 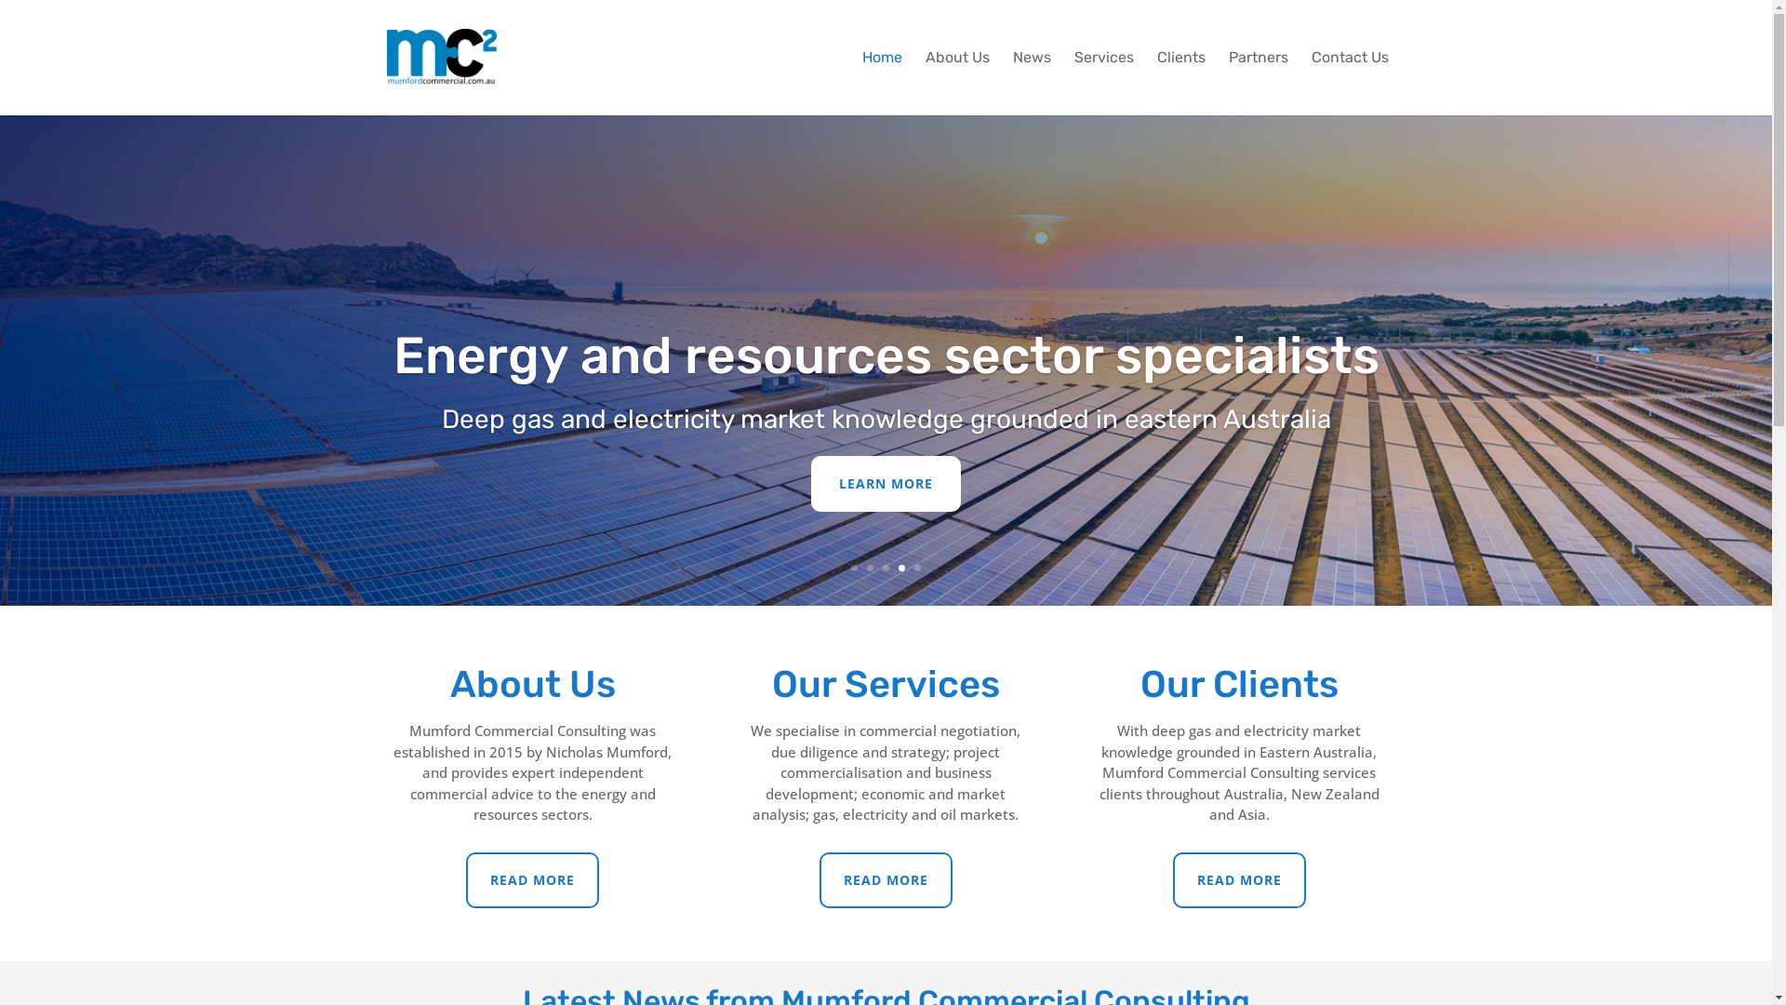 What do you see at coordinates (914, 567) in the screenshot?
I see `'5'` at bounding box center [914, 567].